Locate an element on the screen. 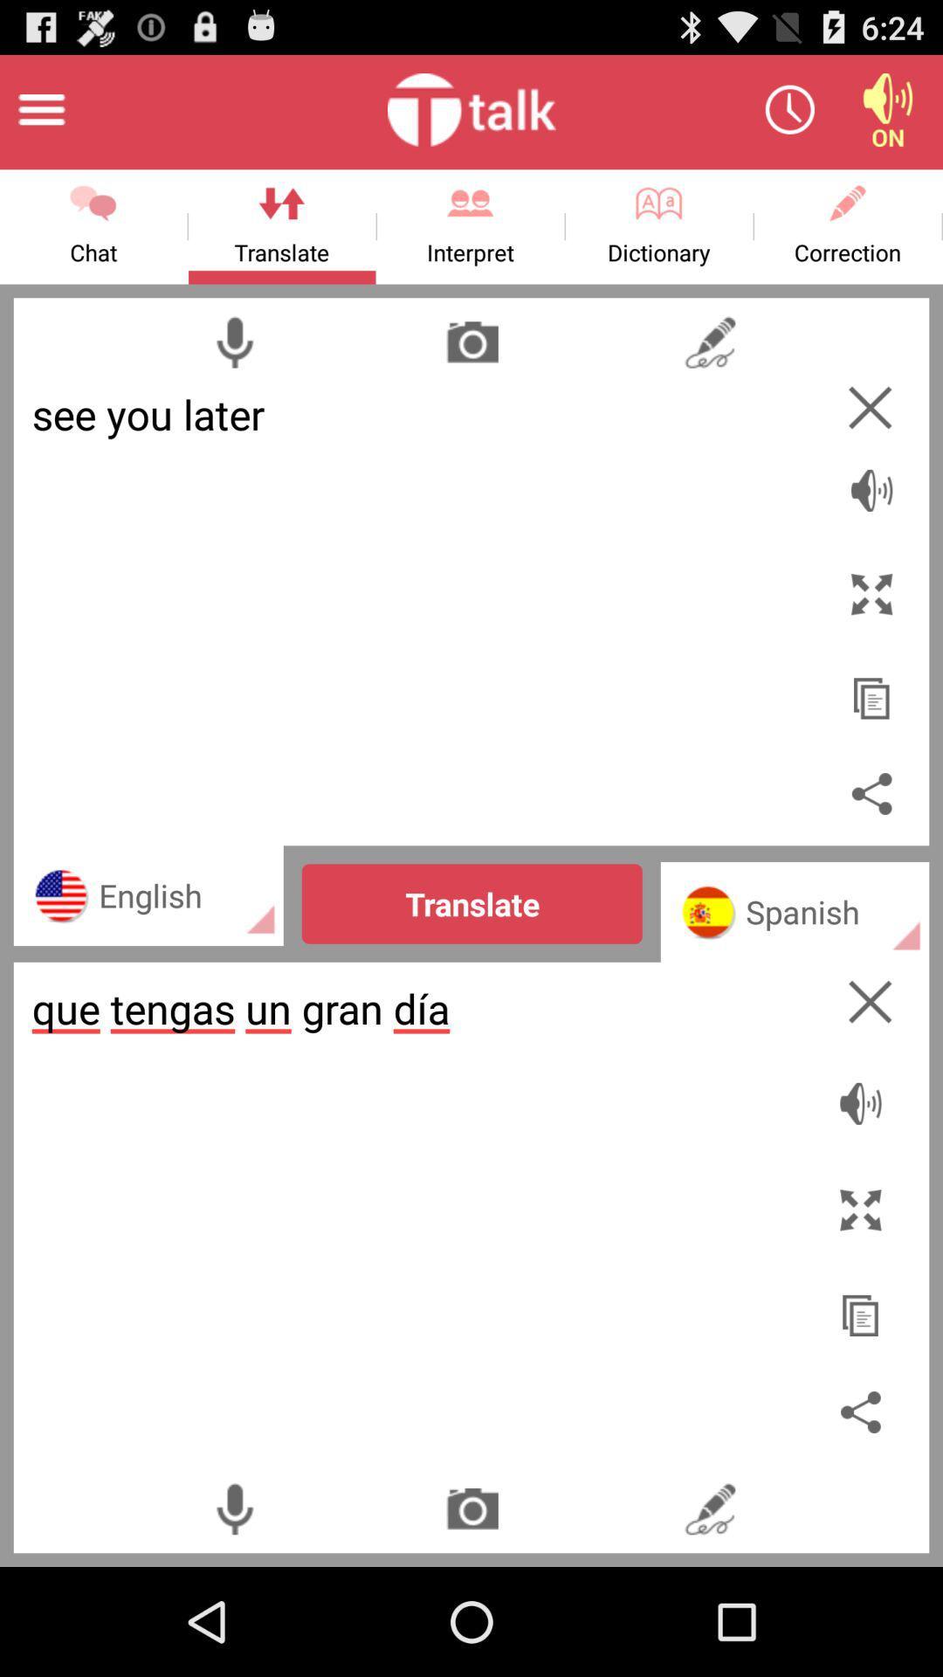 The image size is (943, 1677). pen tool is located at coordinates (710, 1508).